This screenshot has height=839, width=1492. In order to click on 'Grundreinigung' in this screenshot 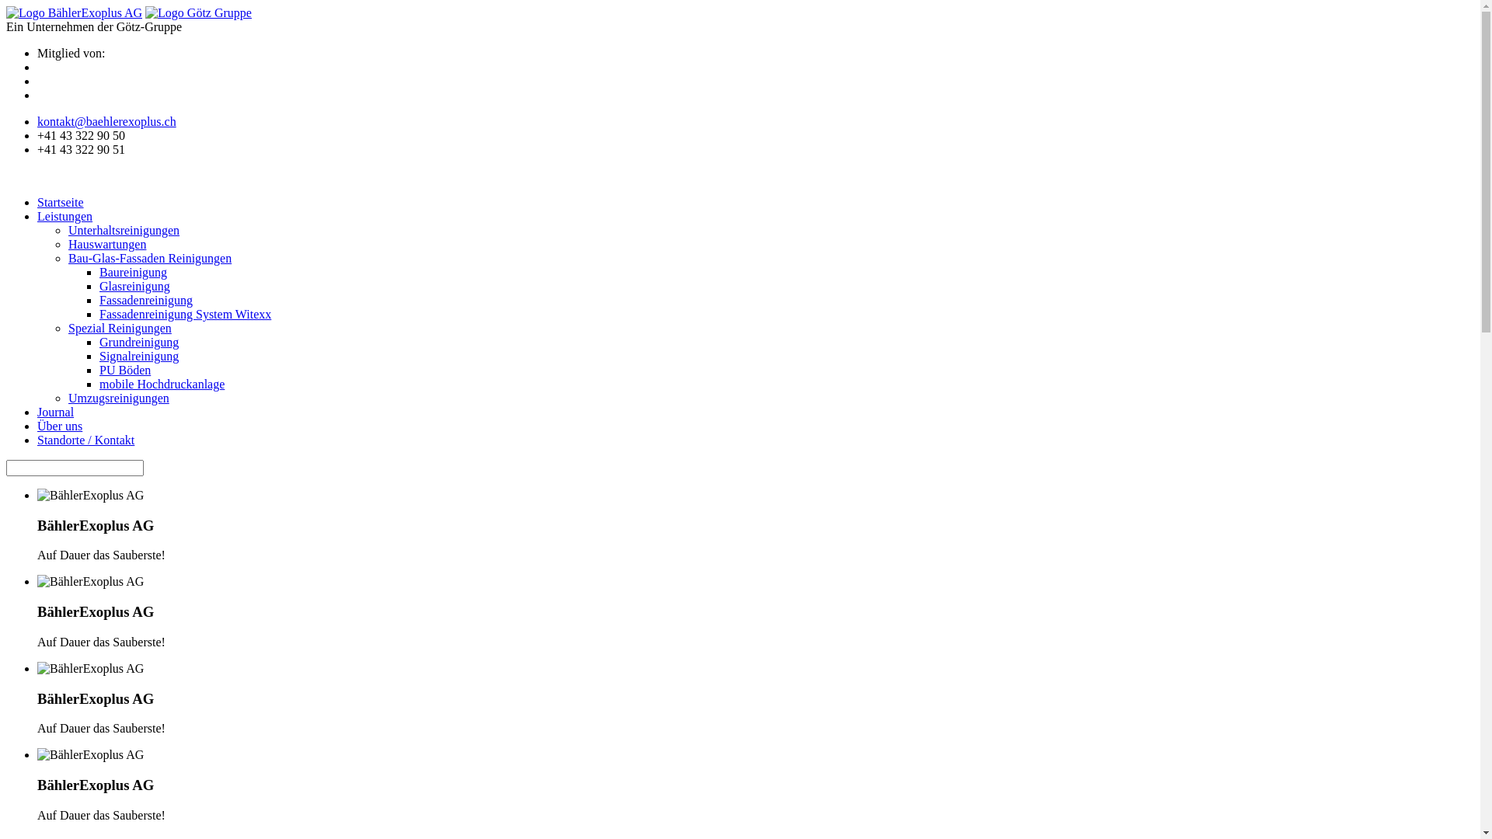, I will do `click(138, 341)`.